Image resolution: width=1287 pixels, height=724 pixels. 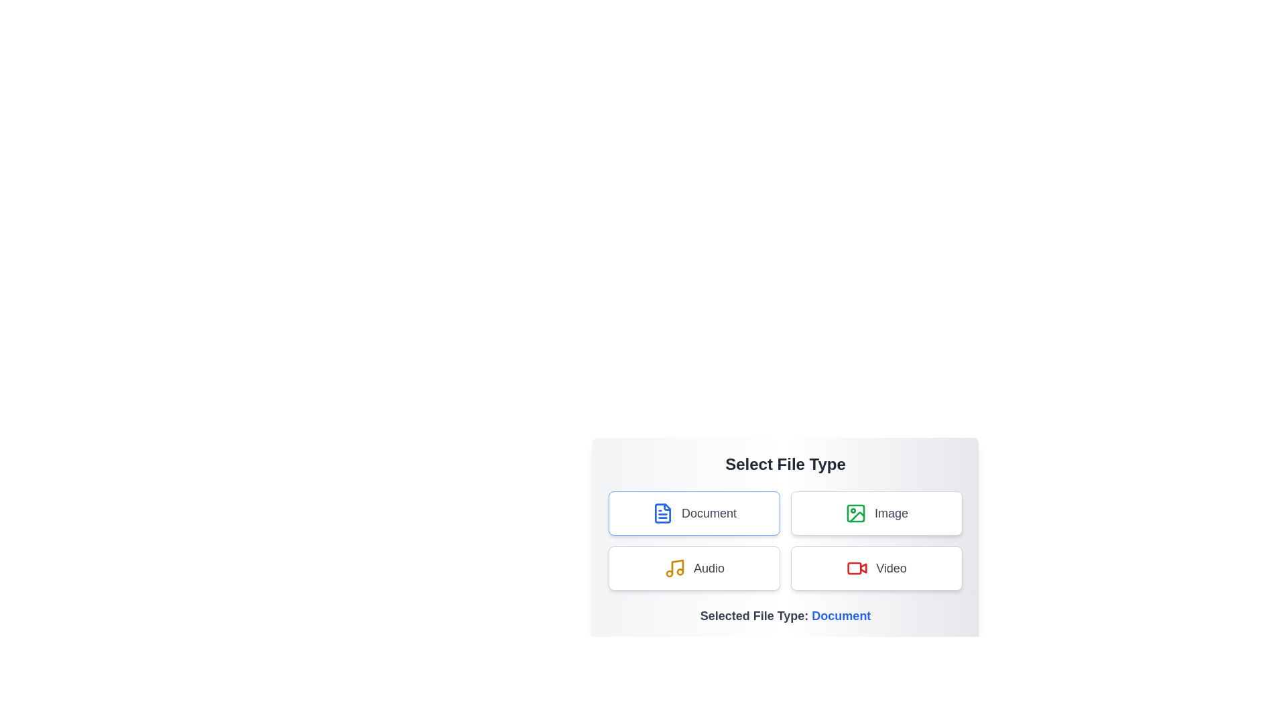 What do you see at coordinates (863, 568) in the screenshot?
I see `the graphical icon resembling a play button, which is red and located in the bottom-right corner of the 'Video' button` at bounding box center [863, 568].